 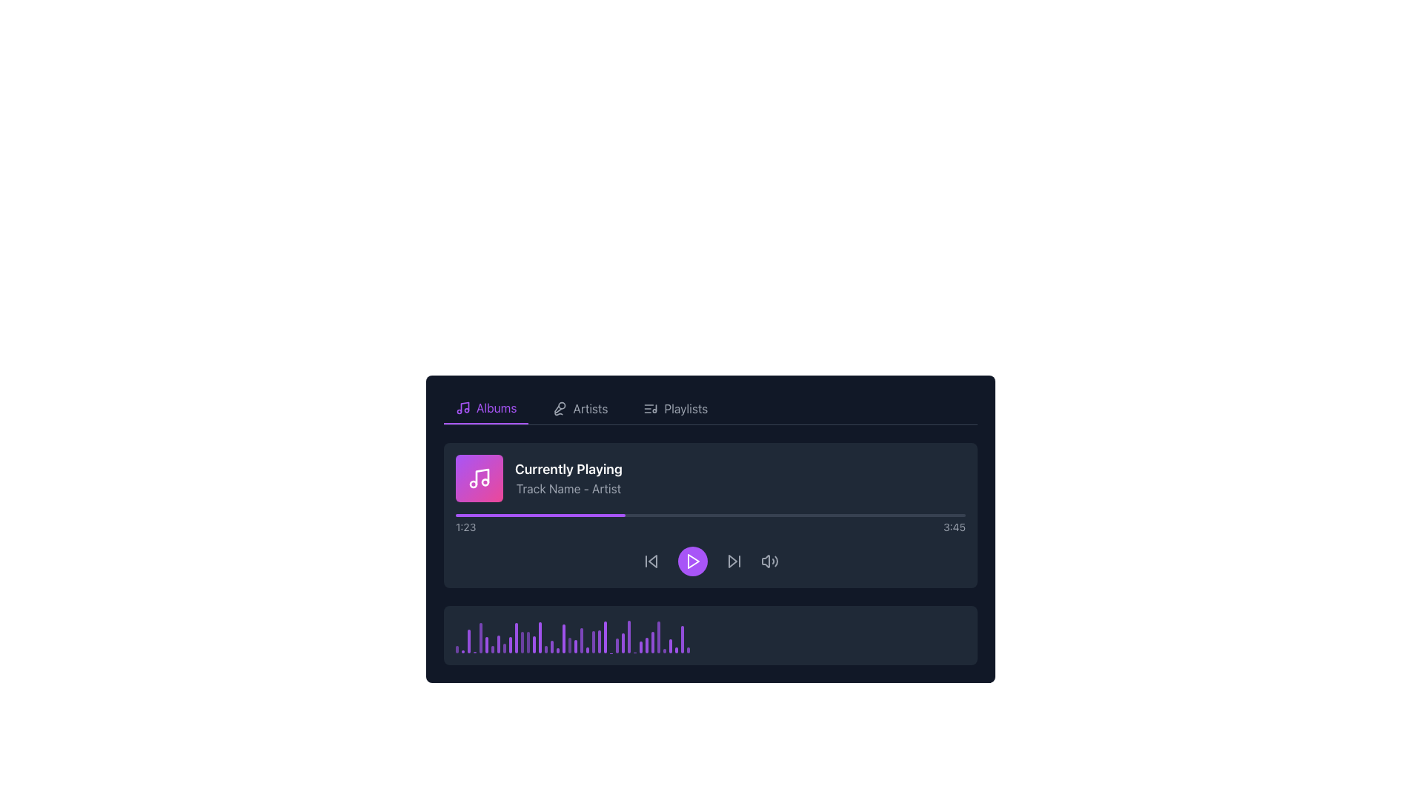 I want to click on the 13th vertical bar in the histogram-like visualization, which is colored purple and has rounded ends, located within a dark gray rectangular area, so click(x=528, y=641).